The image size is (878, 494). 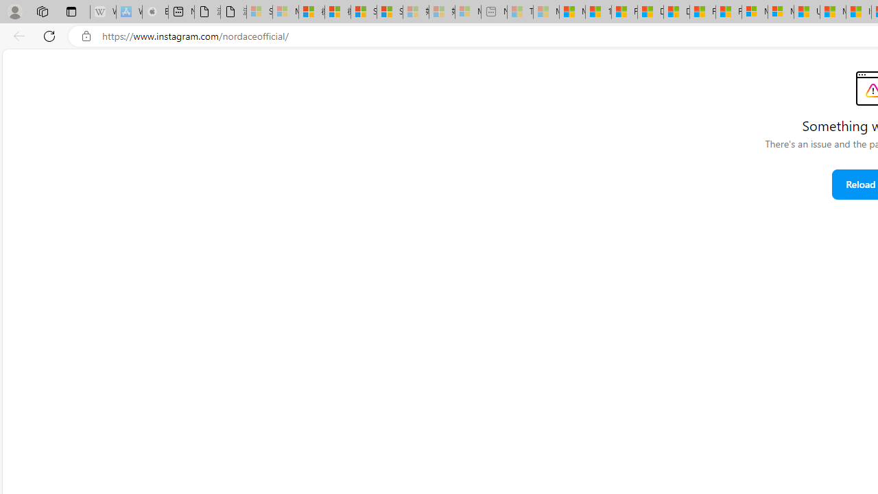 What do you see at coordinates (728, 12) in the screenshot?
I see `'Foo BAR | Trusted Community Engagement and Contributions'` at bounding box center [728, 12].